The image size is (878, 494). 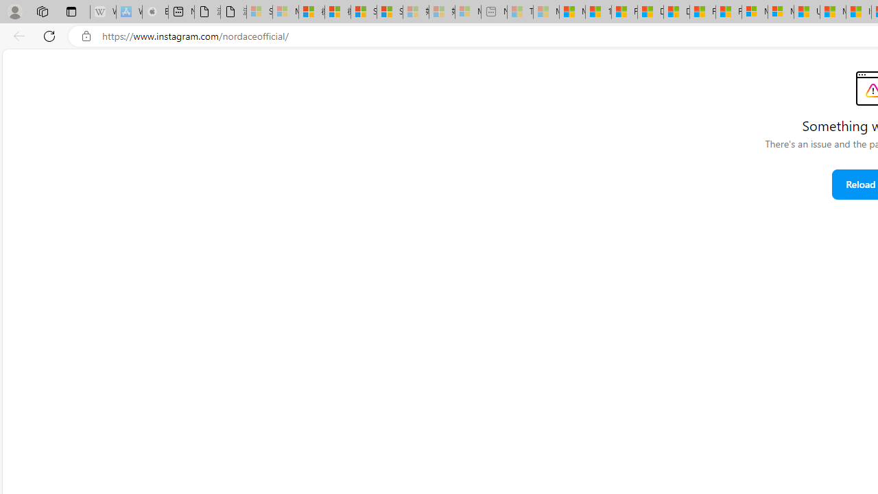 What do you see at coordinates (728, 12) in the screenshot?
I see `'Foo BAR | Trusted Community Engagement and Contributions'` at bounding box center [728, 12].